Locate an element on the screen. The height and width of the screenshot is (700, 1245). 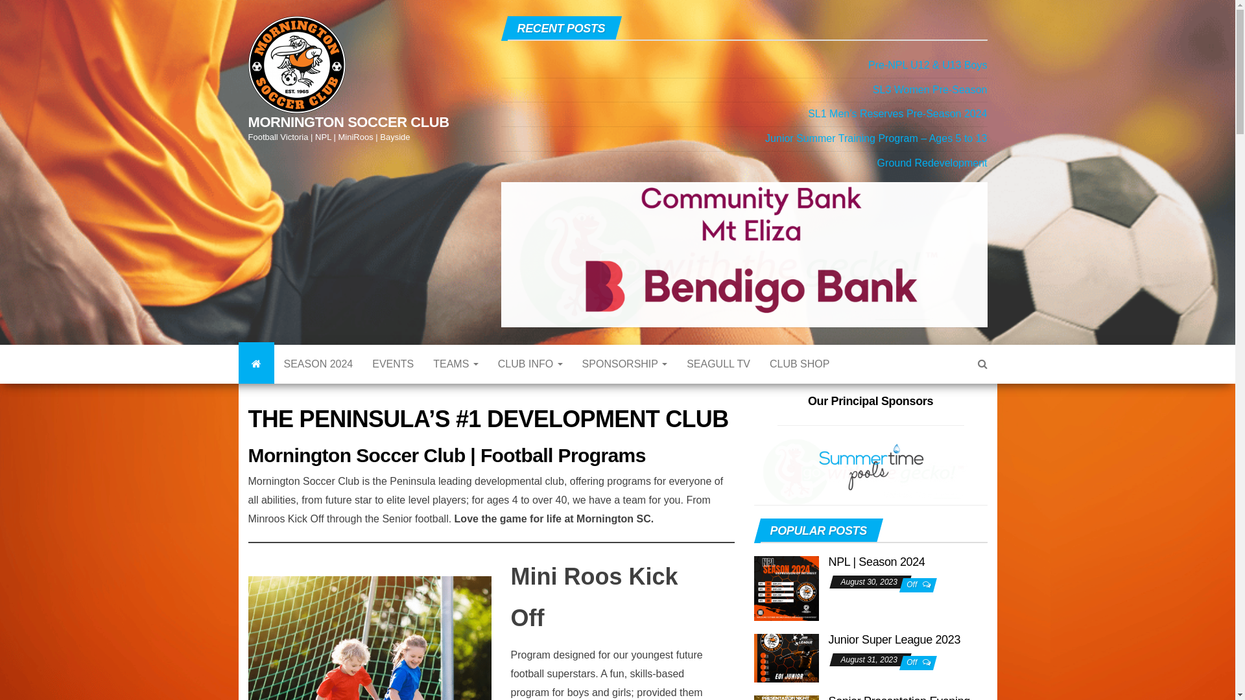
'NPL | Season 2024' is located at coordinates (877, 585).